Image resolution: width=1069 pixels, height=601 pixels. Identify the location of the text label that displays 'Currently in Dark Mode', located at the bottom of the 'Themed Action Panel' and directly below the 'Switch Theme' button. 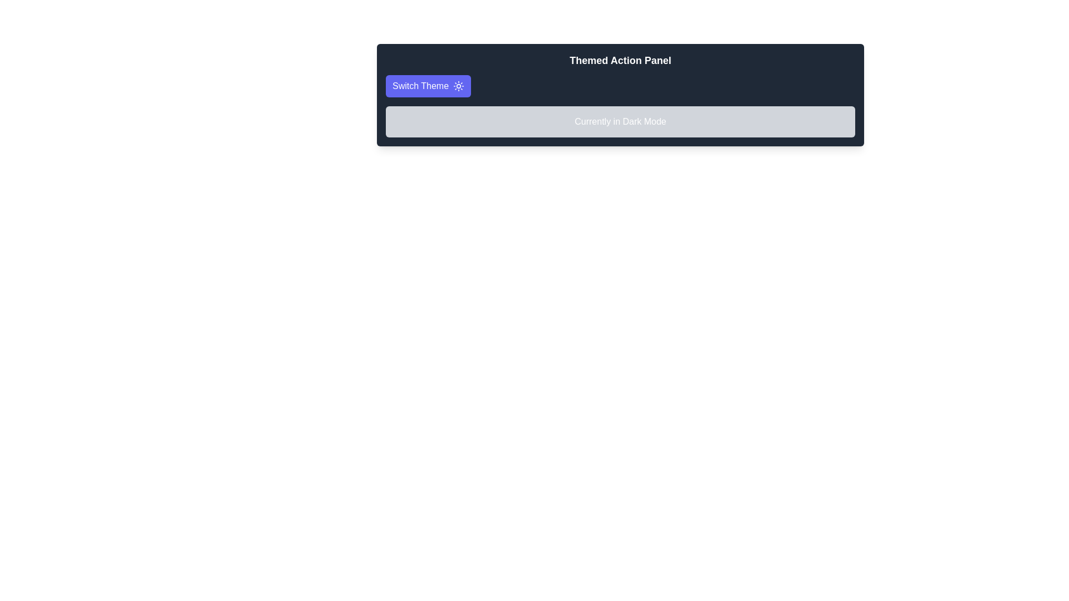
(620, 122).